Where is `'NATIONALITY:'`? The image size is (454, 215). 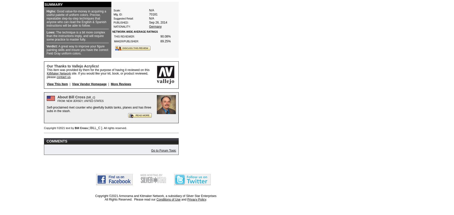 'NATIONALITY:' is located at coordinates (113, 26).